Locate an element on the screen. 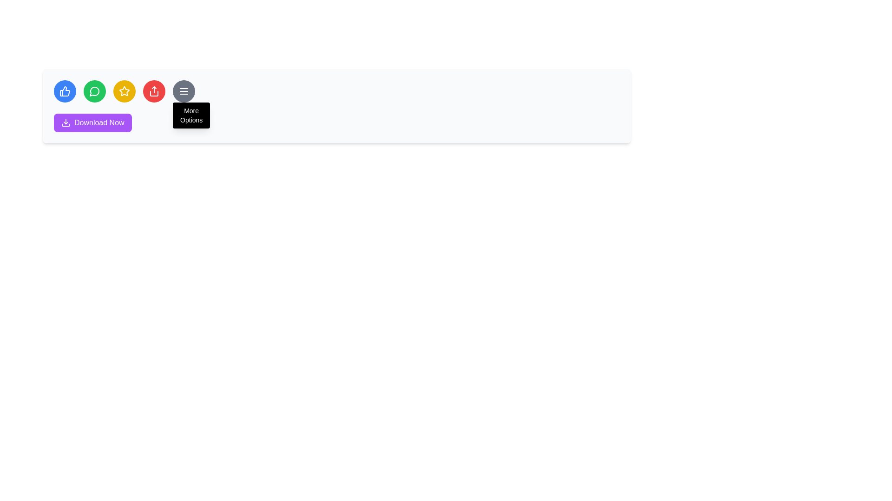 The image size is (892, 501). the bottom part of the download arrow icon, which visually represents the horizontal line of the graphic within the SVG icon is located at coordinates (66, 125).